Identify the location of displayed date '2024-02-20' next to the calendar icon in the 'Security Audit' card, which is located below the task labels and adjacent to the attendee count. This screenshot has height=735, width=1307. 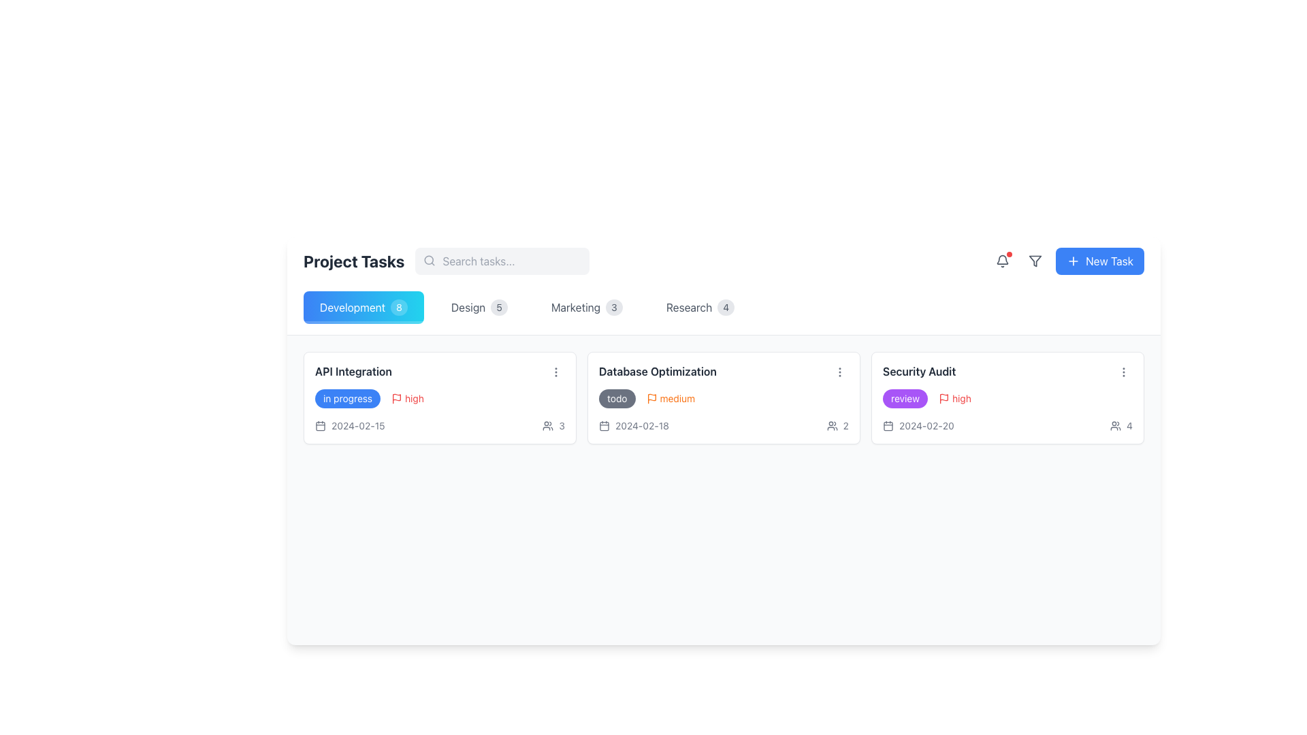
(918, 425).